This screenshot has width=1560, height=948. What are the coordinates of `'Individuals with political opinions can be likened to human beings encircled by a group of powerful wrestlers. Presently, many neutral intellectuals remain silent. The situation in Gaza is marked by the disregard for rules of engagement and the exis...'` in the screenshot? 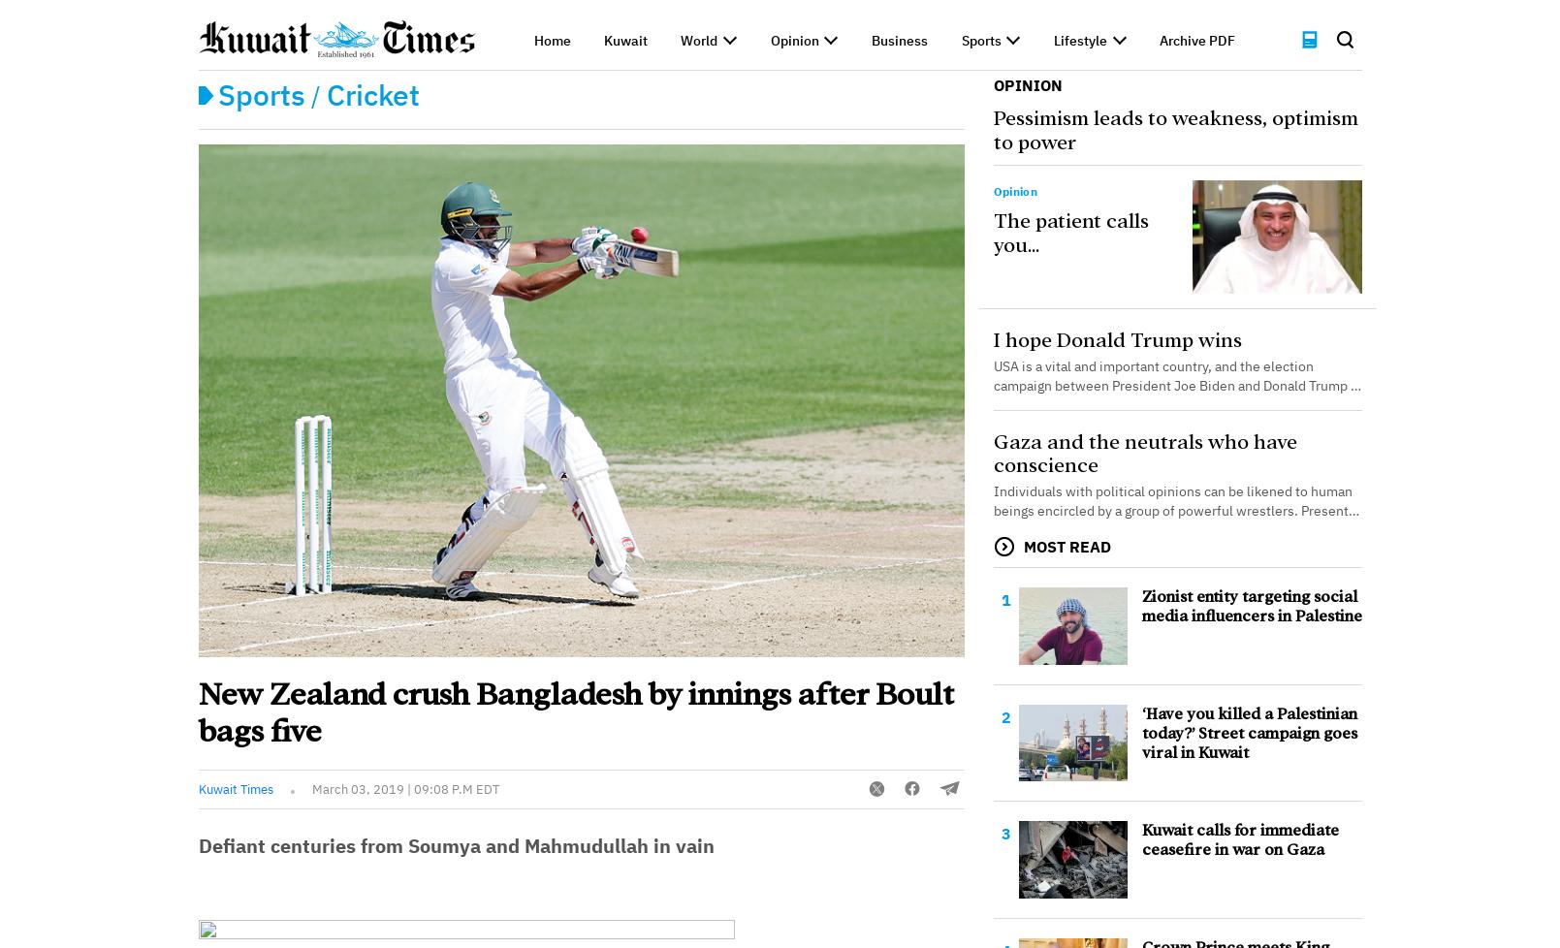 It's located at (1176, 529).